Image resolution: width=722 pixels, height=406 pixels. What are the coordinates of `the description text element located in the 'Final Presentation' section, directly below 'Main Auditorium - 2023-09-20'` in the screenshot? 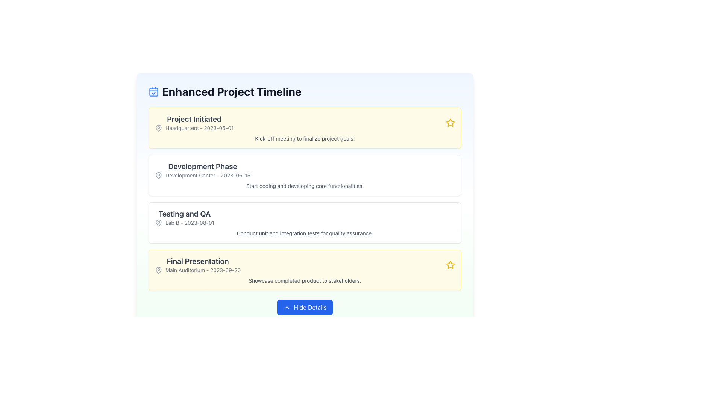 It's located at (305, 281).